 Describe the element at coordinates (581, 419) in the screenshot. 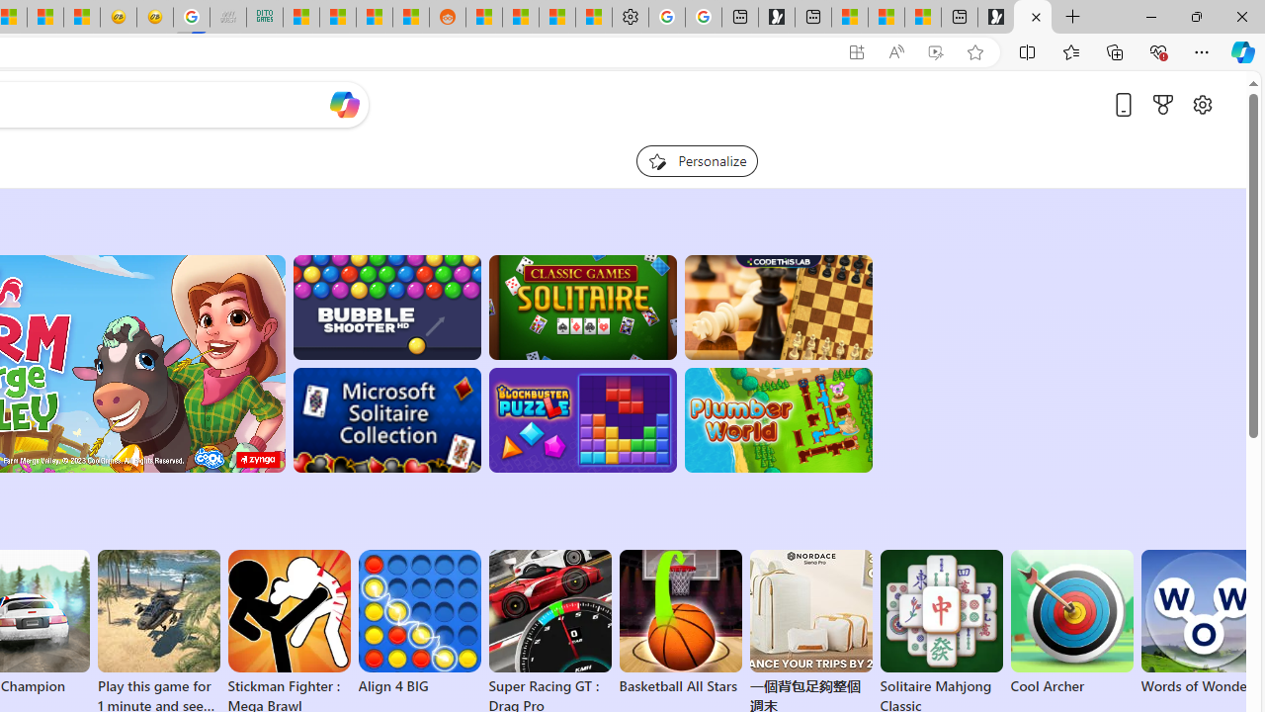

I see `'BlockBuster: Adventures Puzzle'` at that location.